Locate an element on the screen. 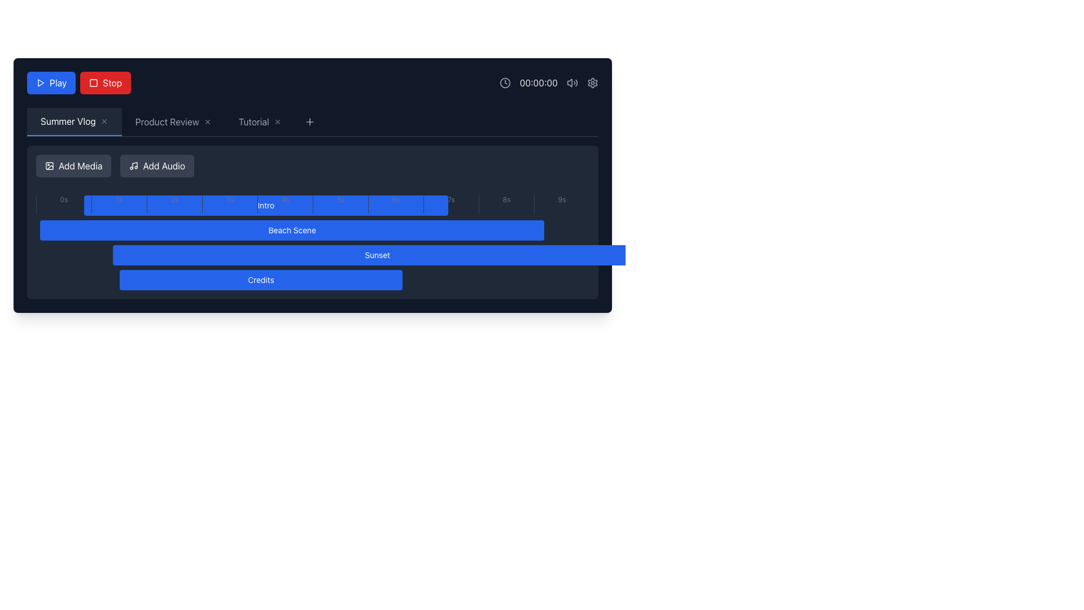 This screenshot has height=610, width=1084. the 'Add Media' button, which includes the descriptive label indicating its function is located at coordinates (80, 165).